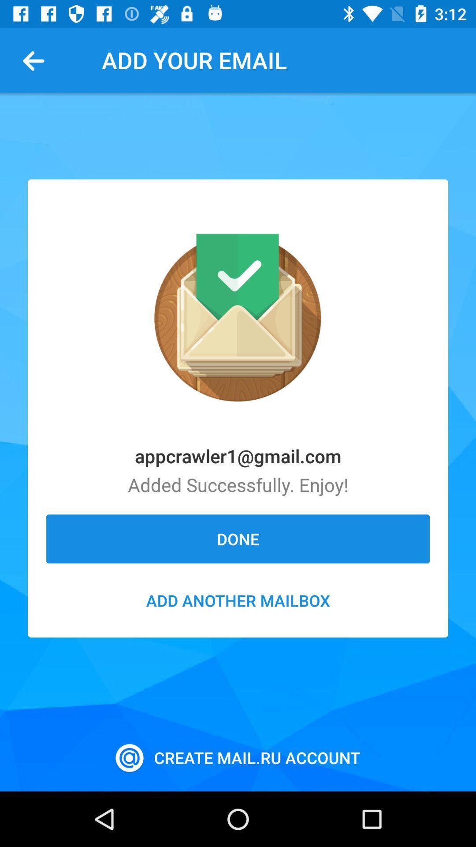 This screenshot has height=847, width=476. Describe the element at coordinates (37, 60) in the screenshot. I see `item to the left of add your email app` at that location.